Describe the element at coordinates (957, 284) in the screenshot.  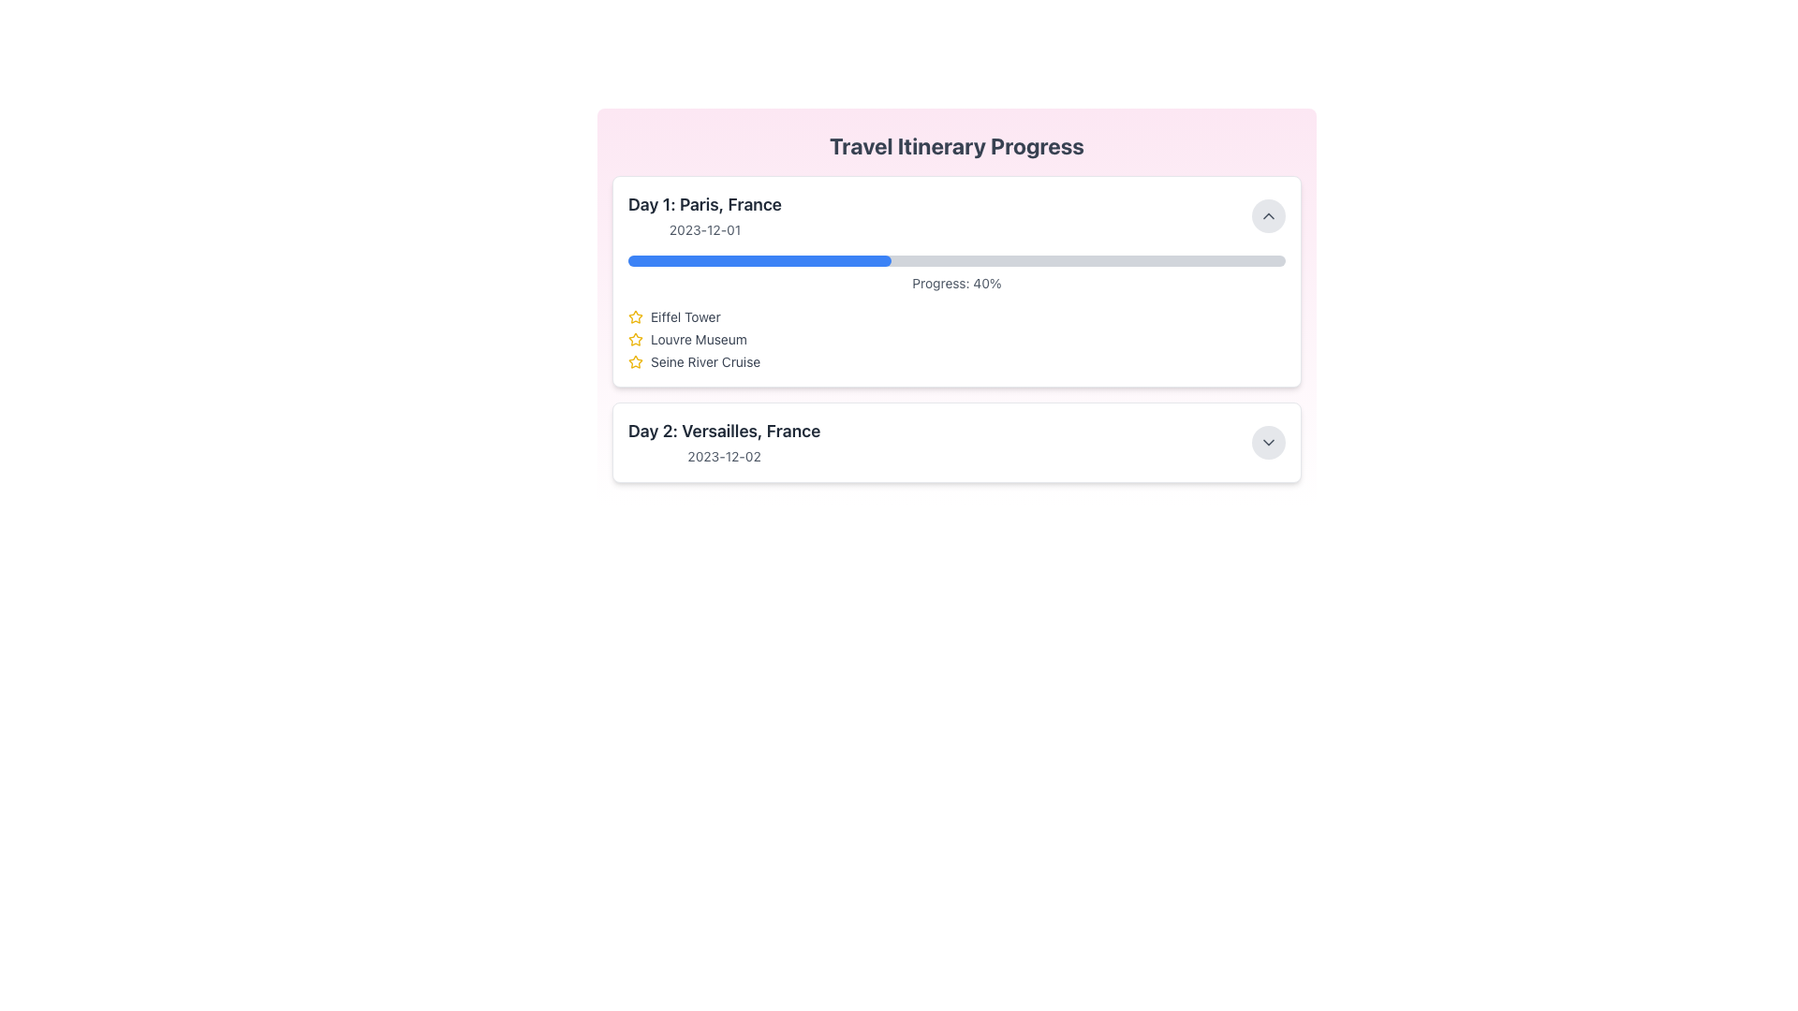
I see `the static text display element that shows 'Progress: 40%', which is styled in gray and located under a blue progress bar` at that location.